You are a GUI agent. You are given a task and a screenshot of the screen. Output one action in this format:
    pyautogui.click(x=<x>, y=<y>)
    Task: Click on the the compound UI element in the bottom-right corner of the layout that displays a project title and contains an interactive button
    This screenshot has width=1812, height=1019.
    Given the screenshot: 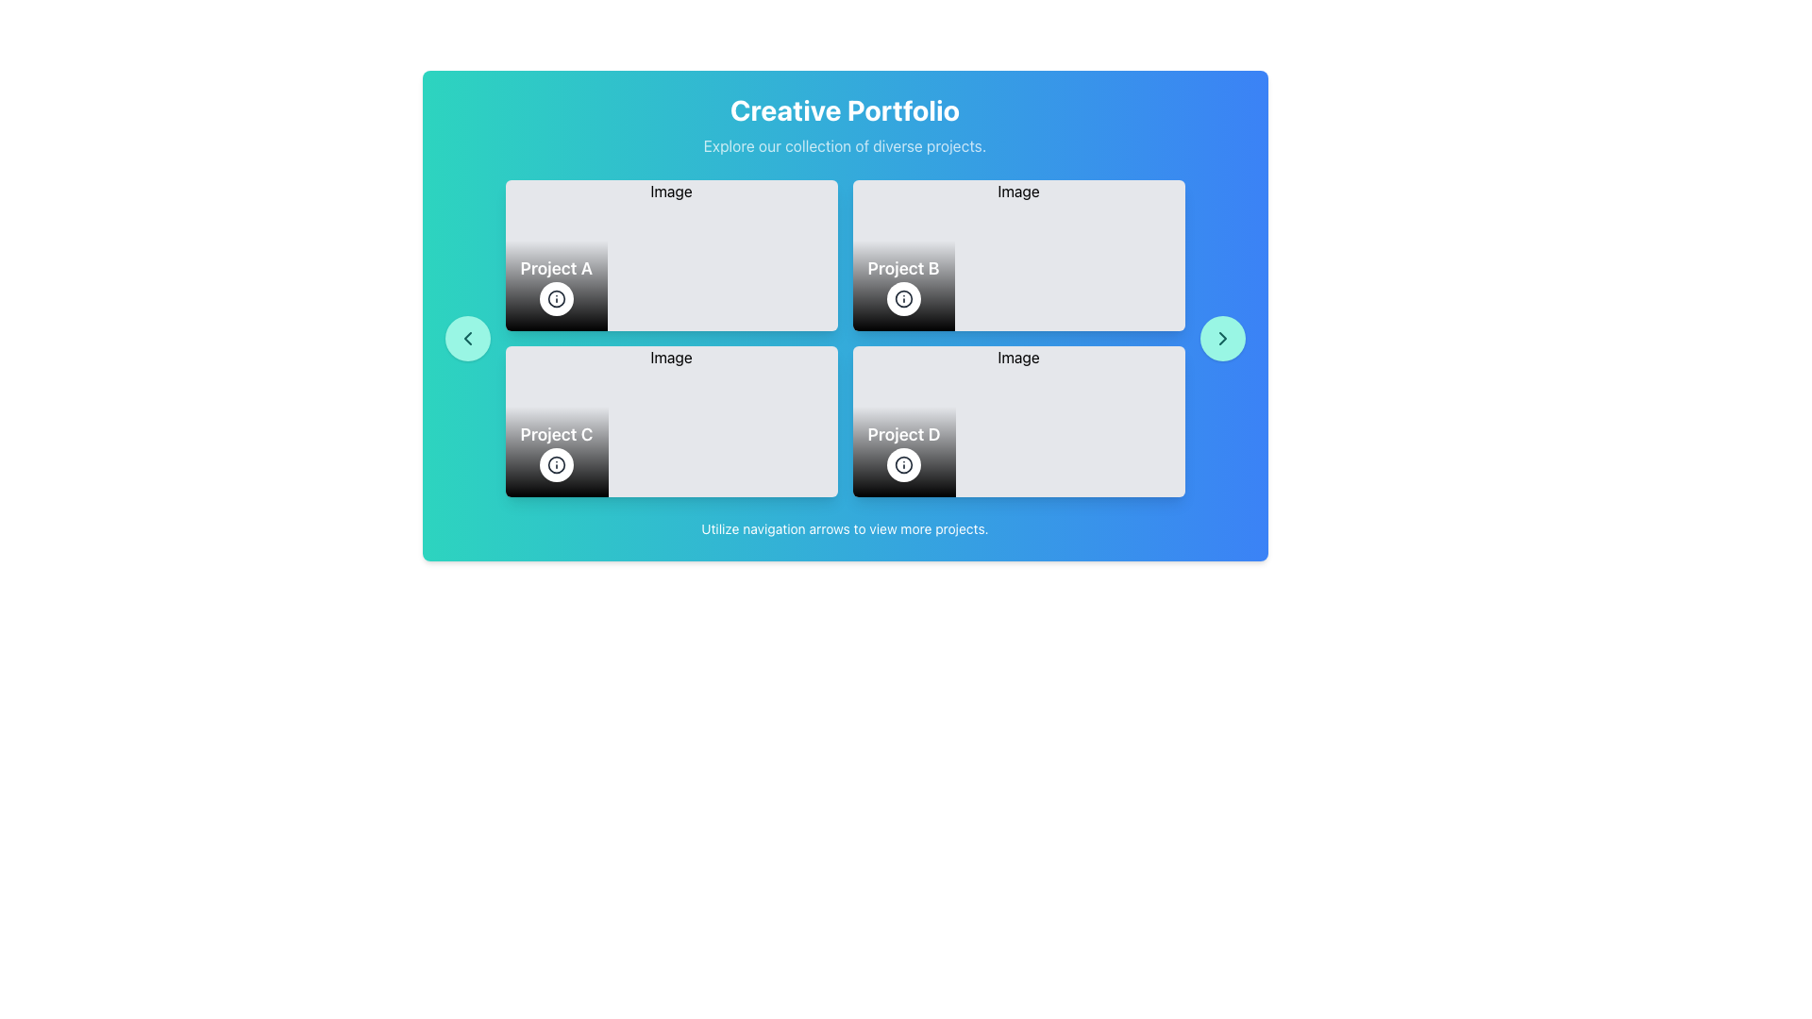 What is the action you would take?
    pyautogui.click(x=903, y=451)
    